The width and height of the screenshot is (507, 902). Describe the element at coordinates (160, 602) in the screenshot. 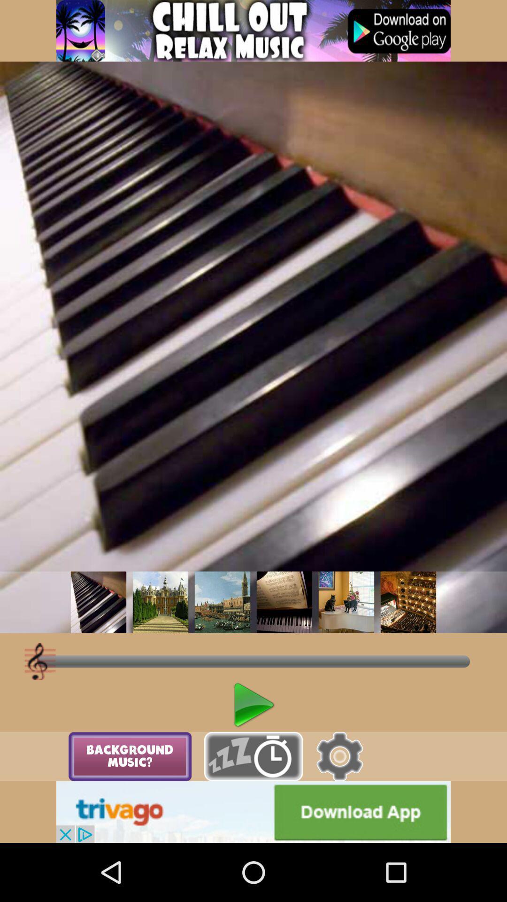

I see `to select the picture` at that location.